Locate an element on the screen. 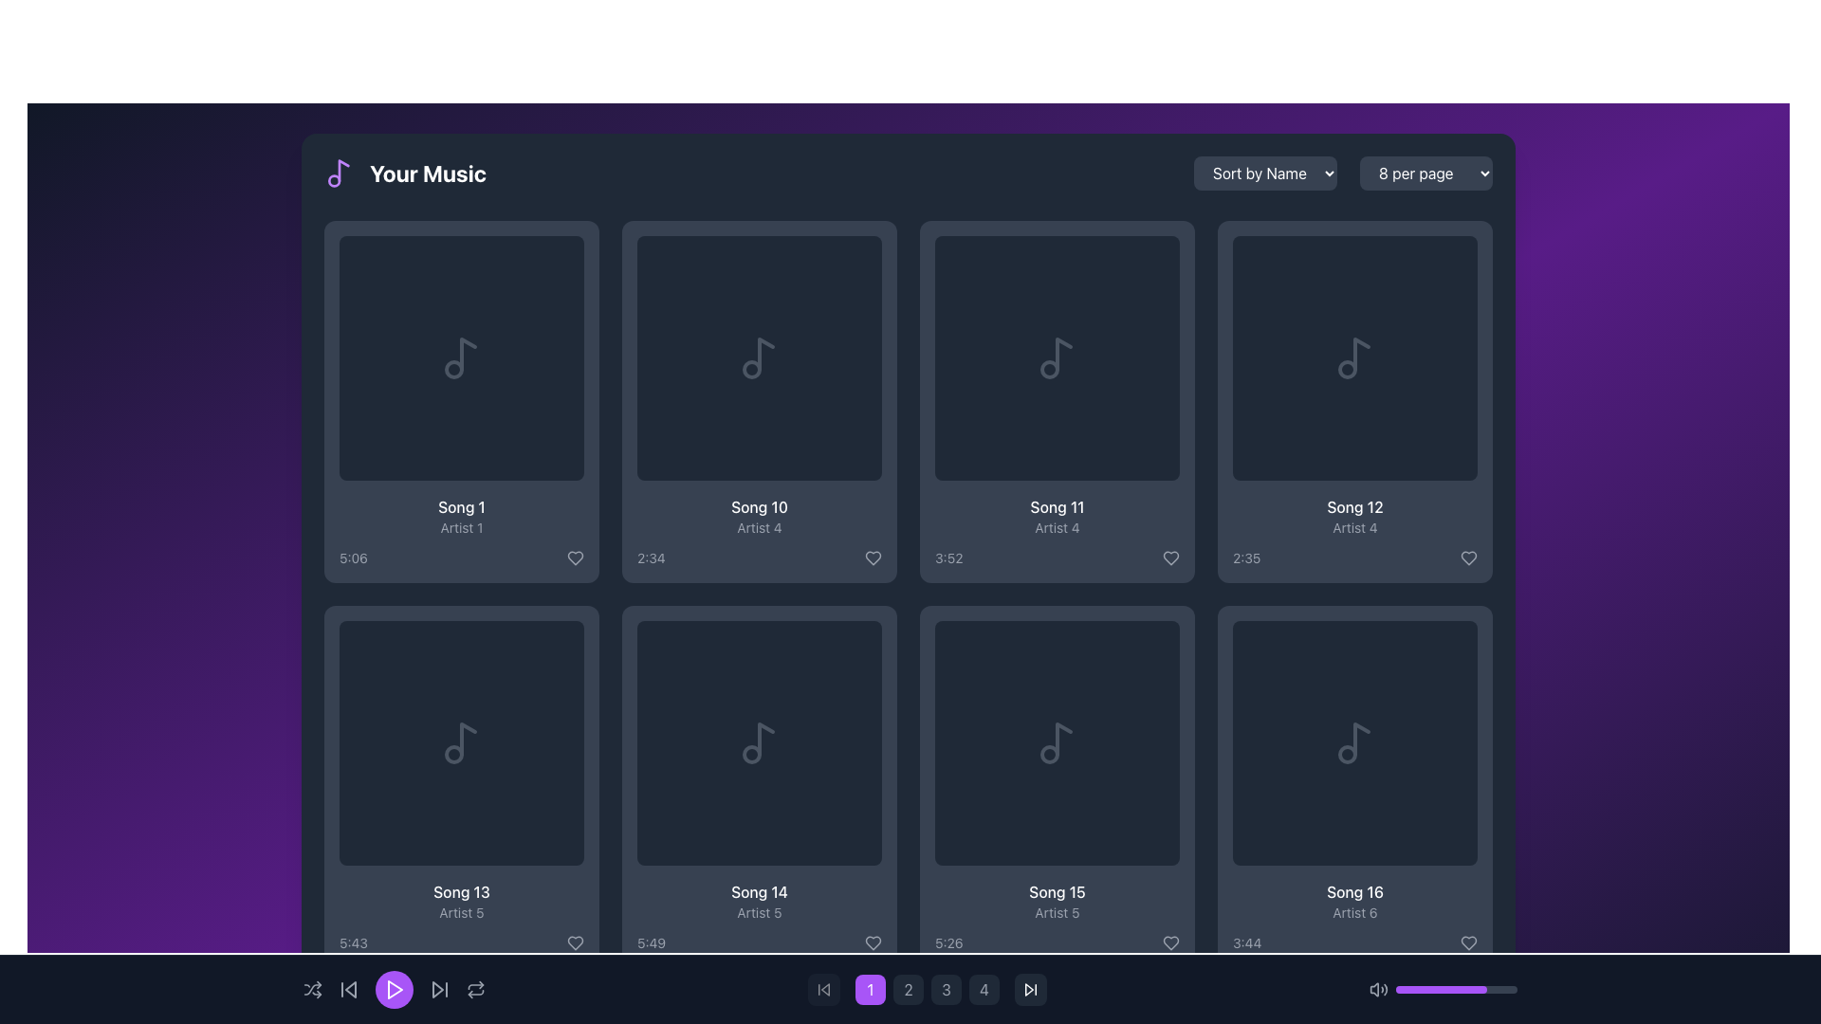 This screenshot has height=1024, width=1821. the circular button with a purple background containing a white play icon is located at coordinates (1354, 741).